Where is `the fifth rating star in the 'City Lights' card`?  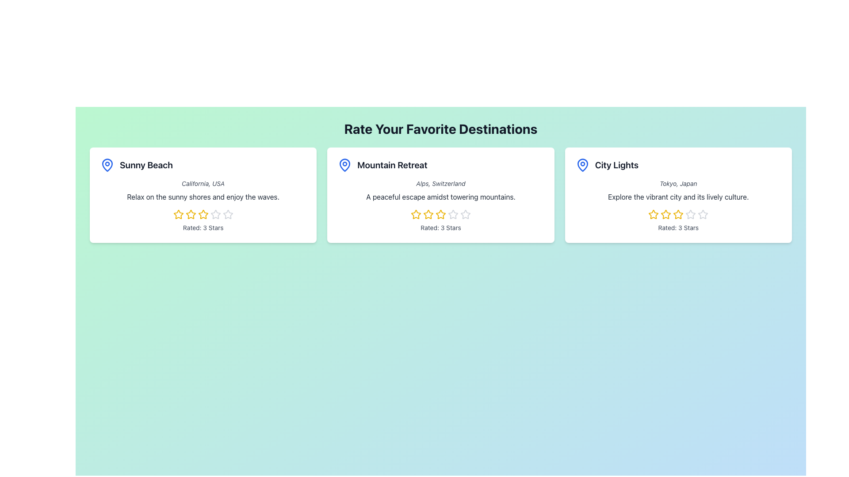
the fifth rating star in the 'City Lights' card is located at coordinates (703, 214).